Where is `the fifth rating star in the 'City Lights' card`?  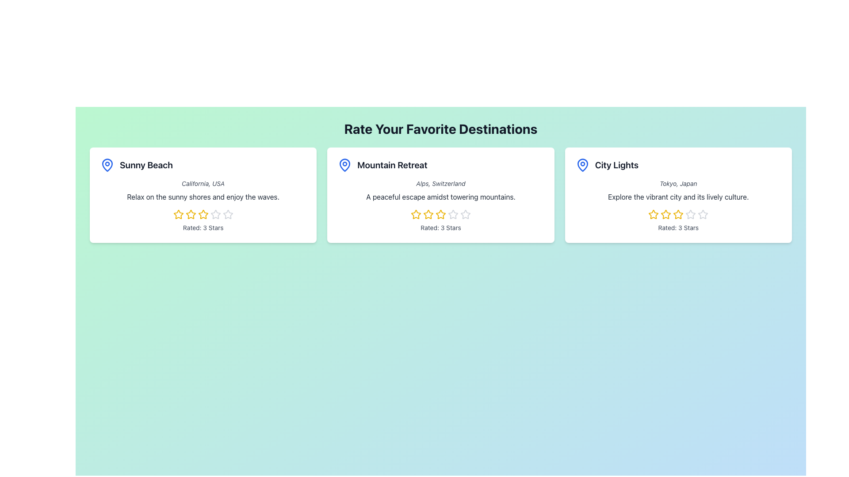
the fifth rating star in the 'City Lights' card is located at coordinates (703, 214).